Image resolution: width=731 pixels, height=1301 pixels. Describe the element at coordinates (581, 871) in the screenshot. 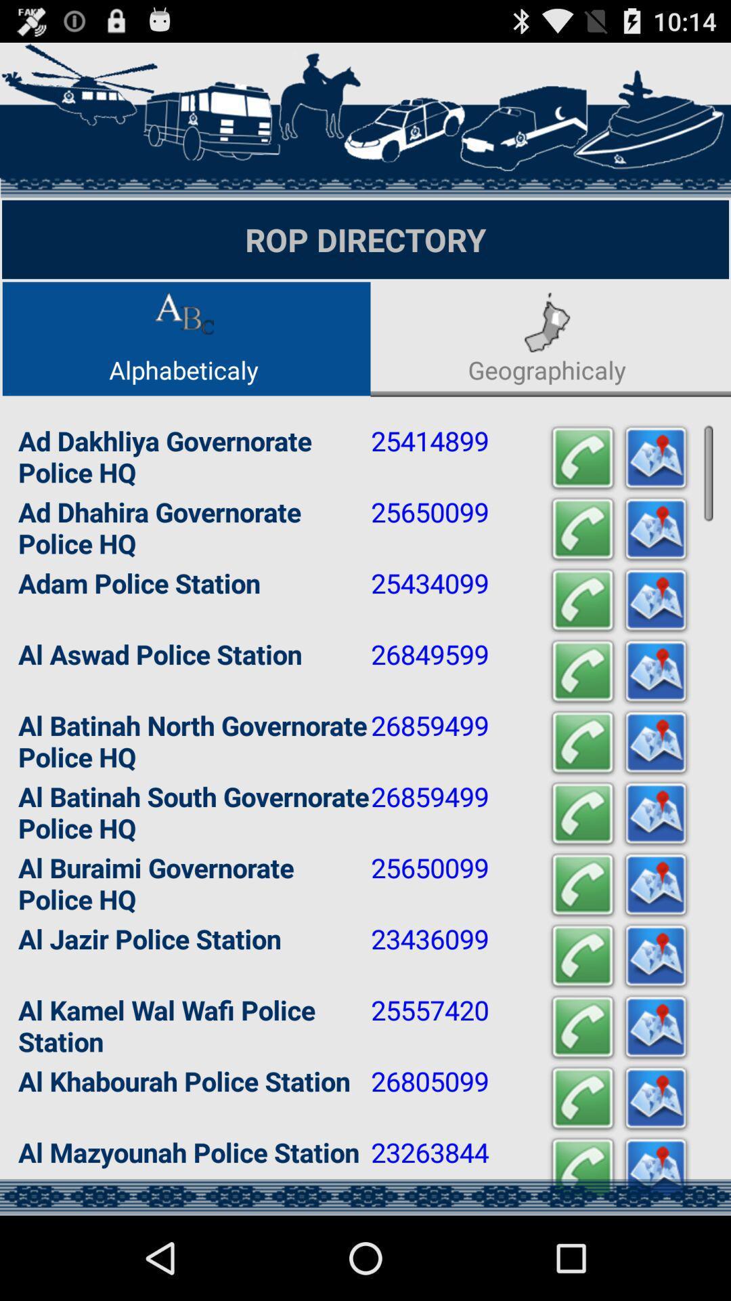

I see `the call icon` at that location.